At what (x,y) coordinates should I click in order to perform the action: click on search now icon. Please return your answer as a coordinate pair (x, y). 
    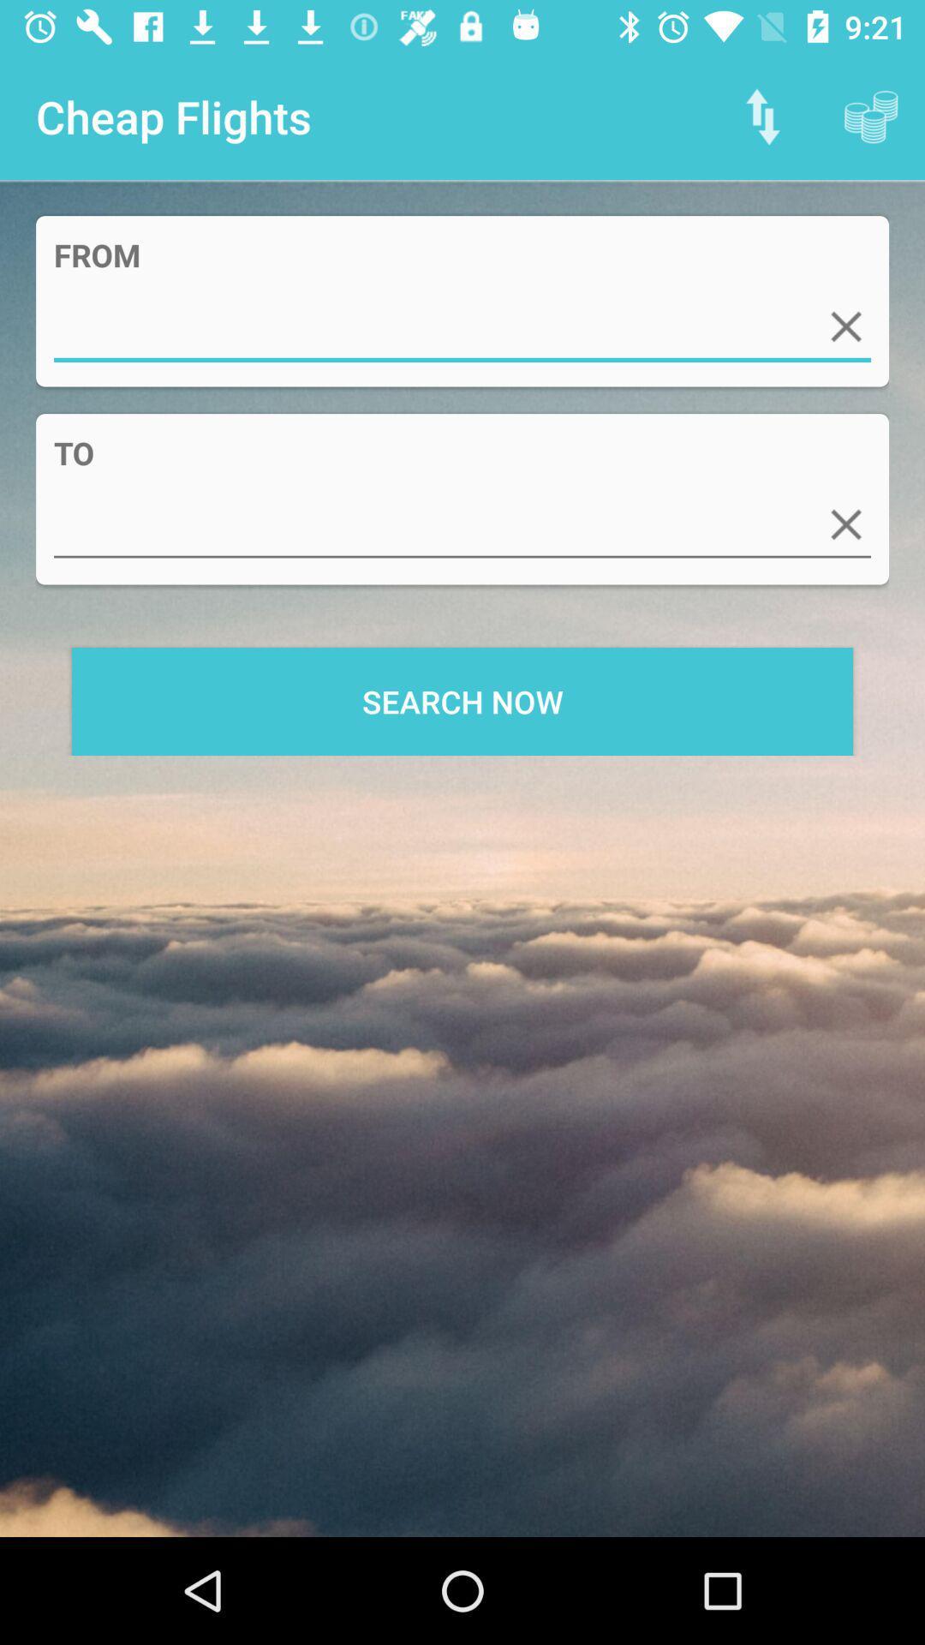
    Looking at the image, I should click on (462, 702).